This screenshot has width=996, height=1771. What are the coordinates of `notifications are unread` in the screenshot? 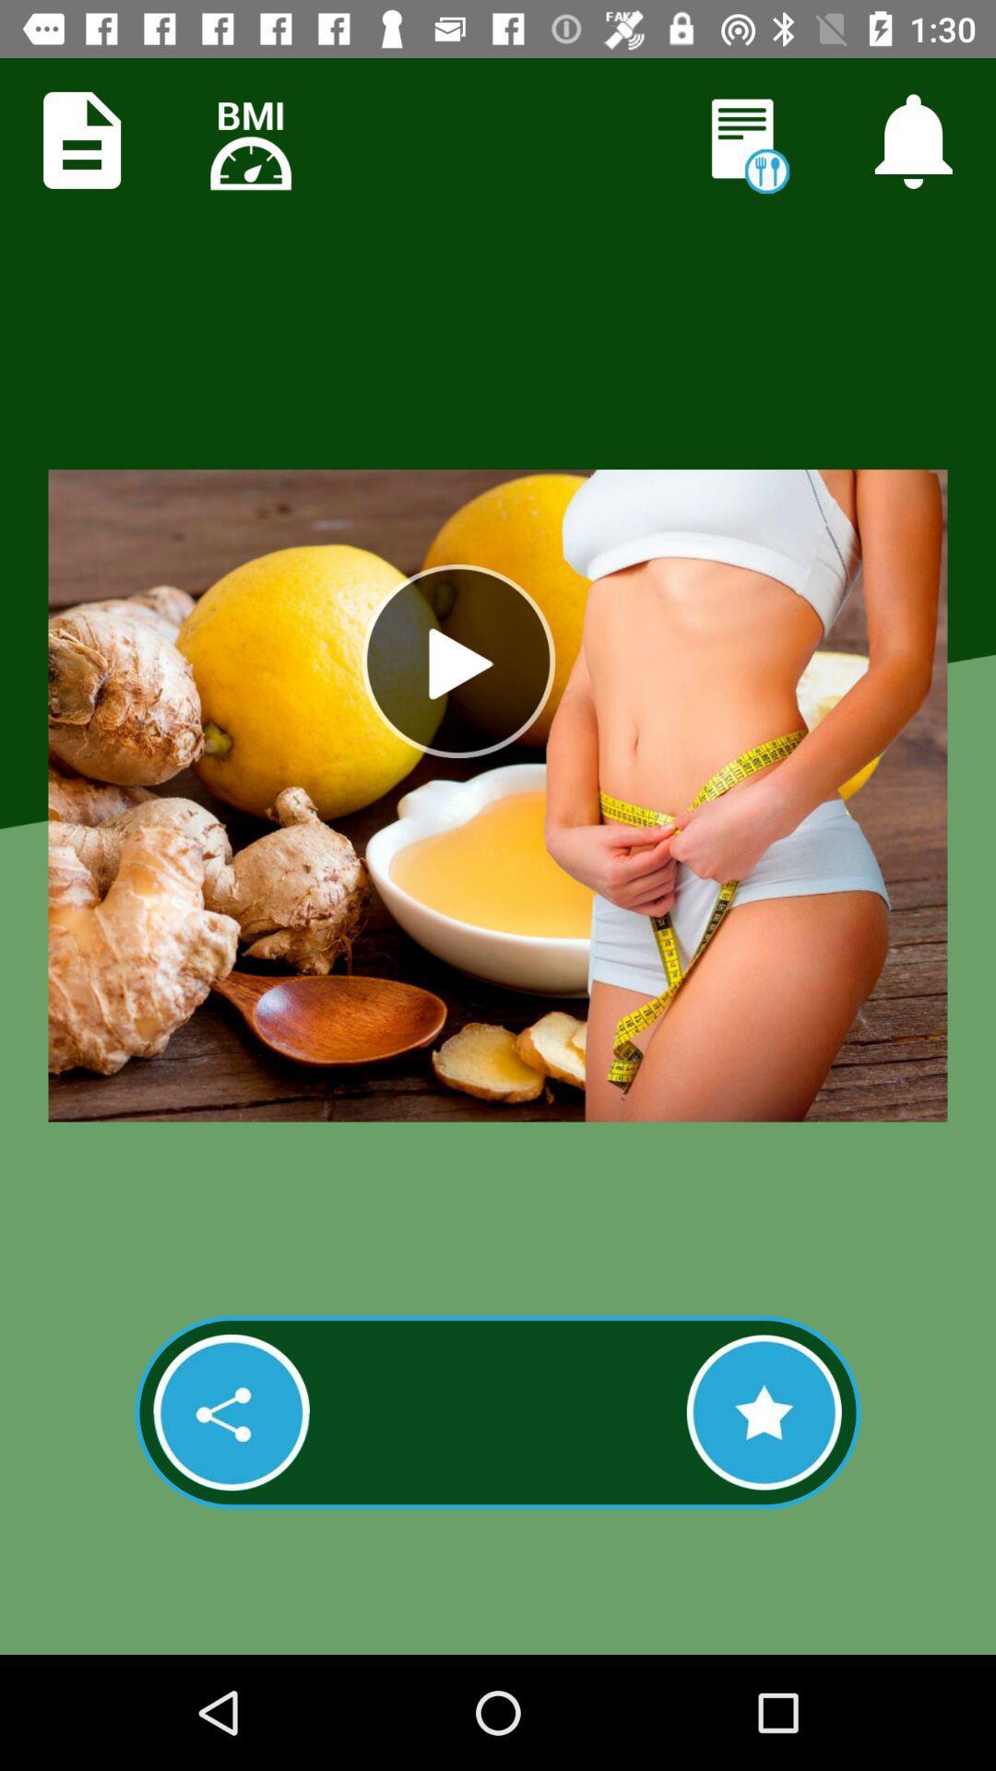 It's located at (745, 141).